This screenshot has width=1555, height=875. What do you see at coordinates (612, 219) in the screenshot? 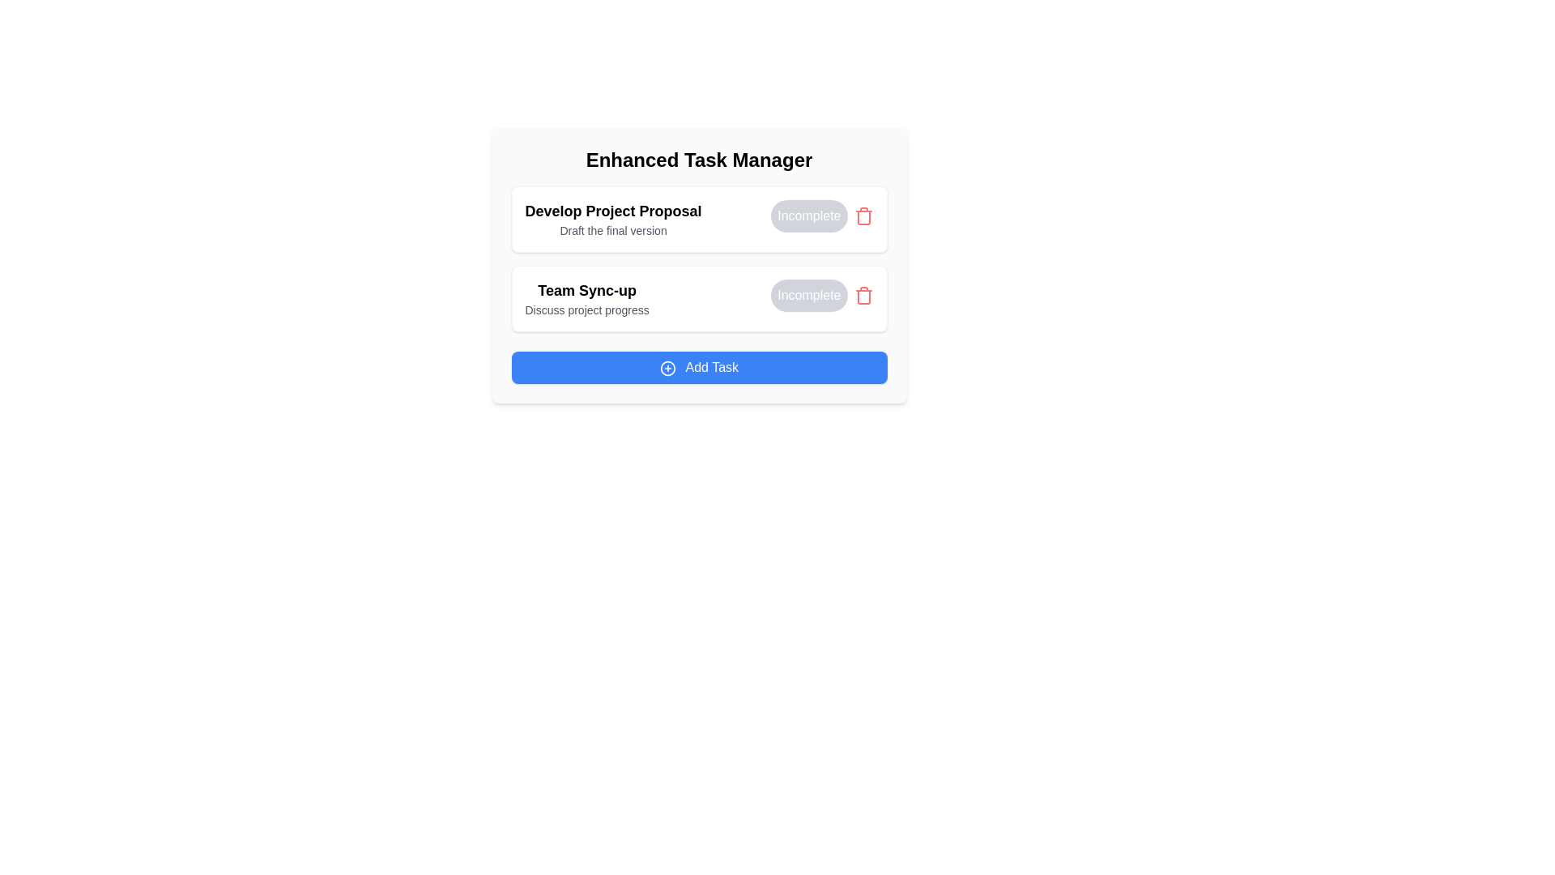
I see `the non-interactive text display component labeled 'Develop Project Proposal'` at bounding box center [612, 219].